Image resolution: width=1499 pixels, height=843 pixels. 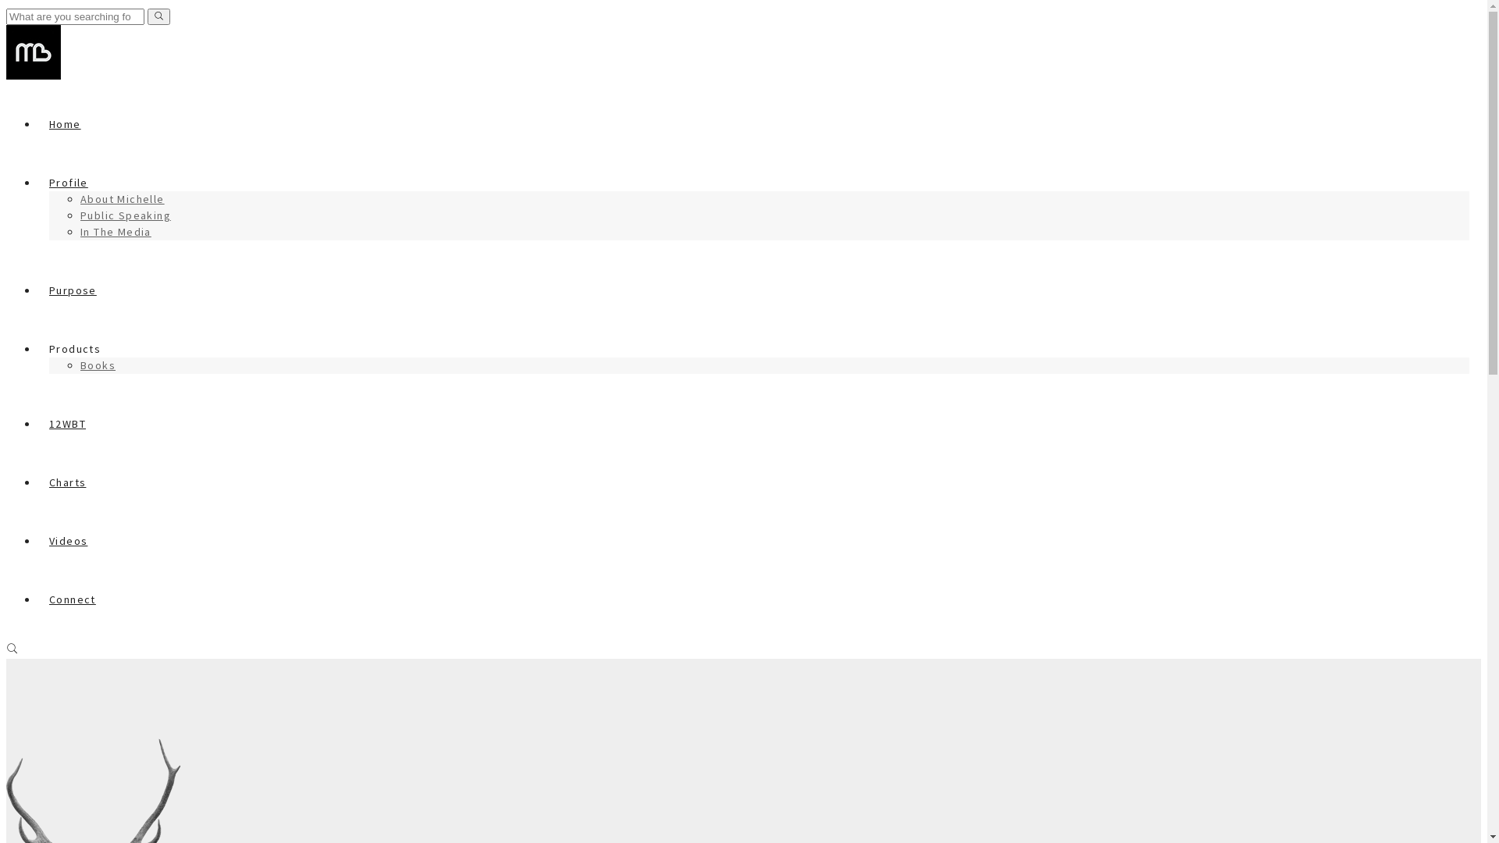 What do you see at coordinates (74, 16) in the screenshot?
I see `'What are you searching for?'` at bounding box center [74, 16].